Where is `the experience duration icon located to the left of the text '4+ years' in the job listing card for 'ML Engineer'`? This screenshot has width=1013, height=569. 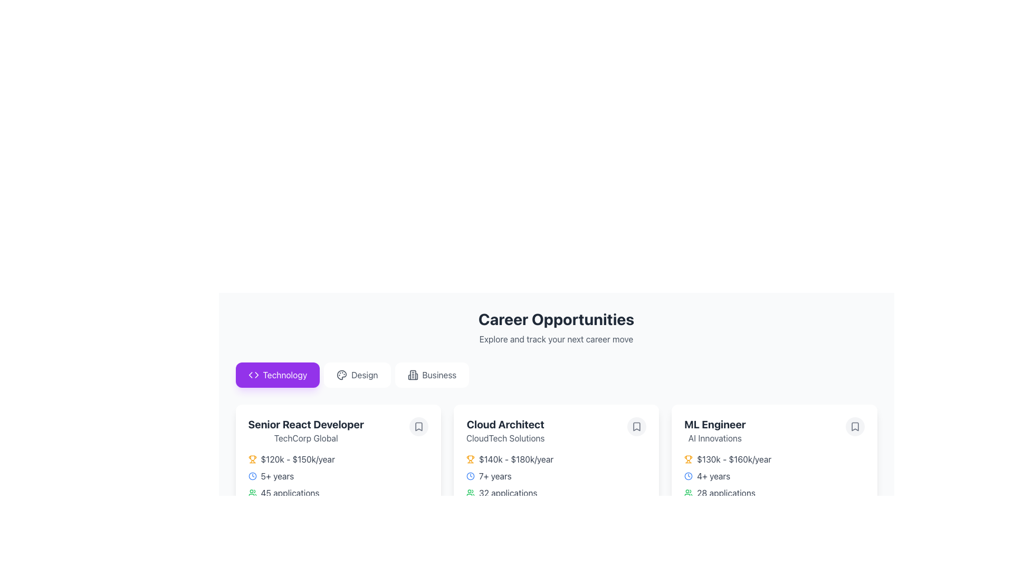
the experience duration icon located to the left of the text '4+ years' in the job listing card for 'ML Engineer' is located at coordinates (689, 476).